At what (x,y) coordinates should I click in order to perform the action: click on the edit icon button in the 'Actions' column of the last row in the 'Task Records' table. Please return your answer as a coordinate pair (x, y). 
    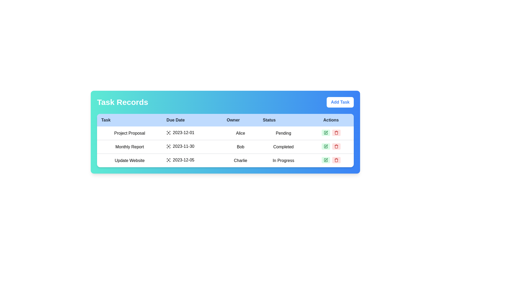
    Looking at the image, I should click on (325, 160).